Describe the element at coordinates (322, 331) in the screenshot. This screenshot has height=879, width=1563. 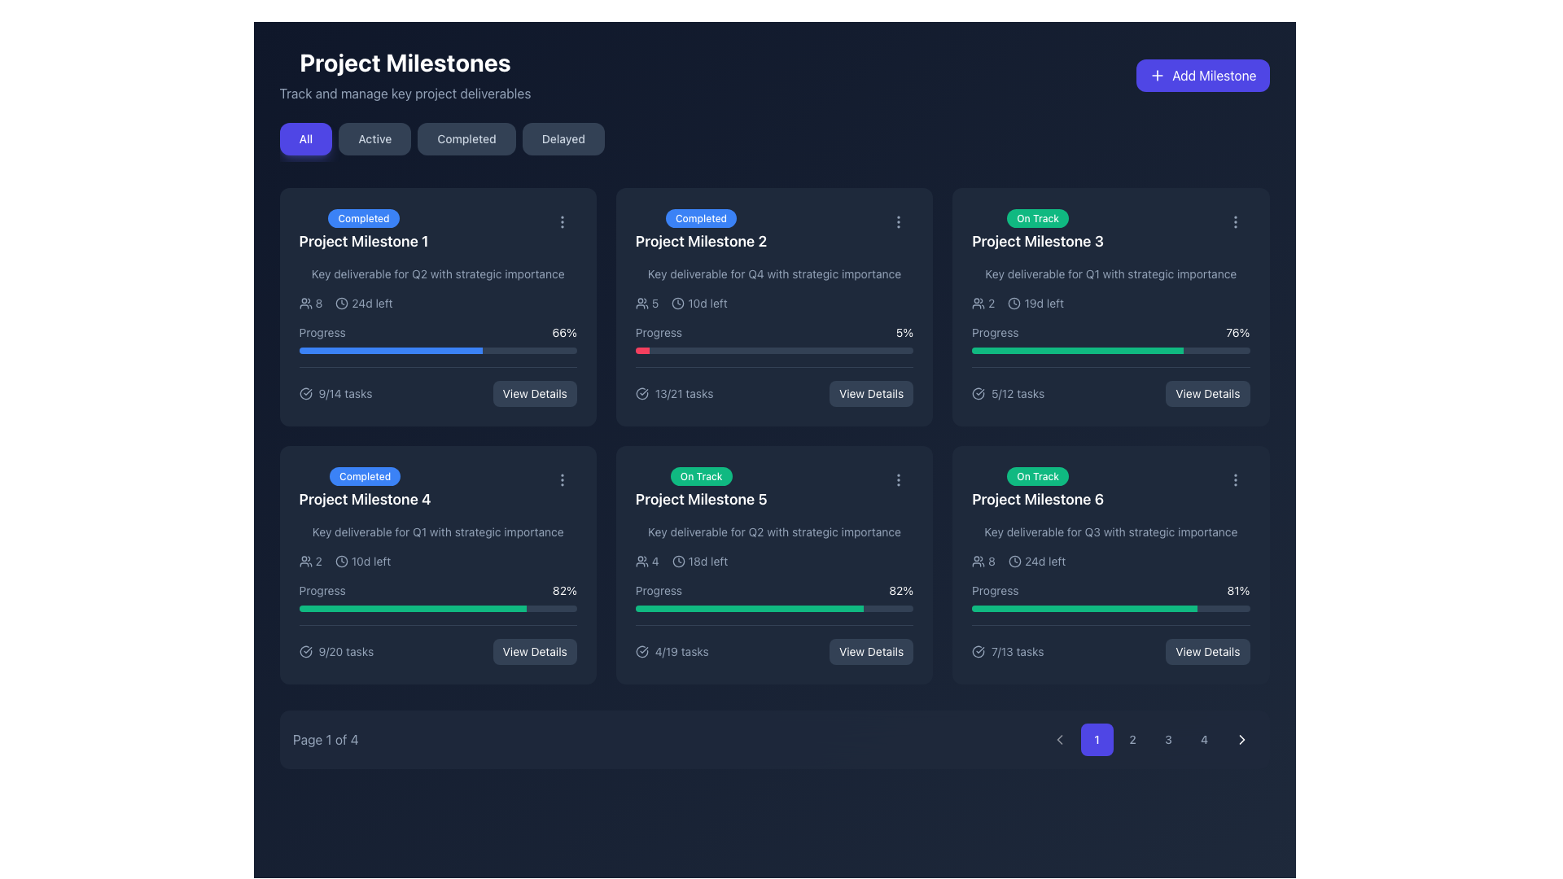
I see `the static text label describing the progress tracking section of 'Project Milestone 1' which is positioned above the progress bar` at that location.